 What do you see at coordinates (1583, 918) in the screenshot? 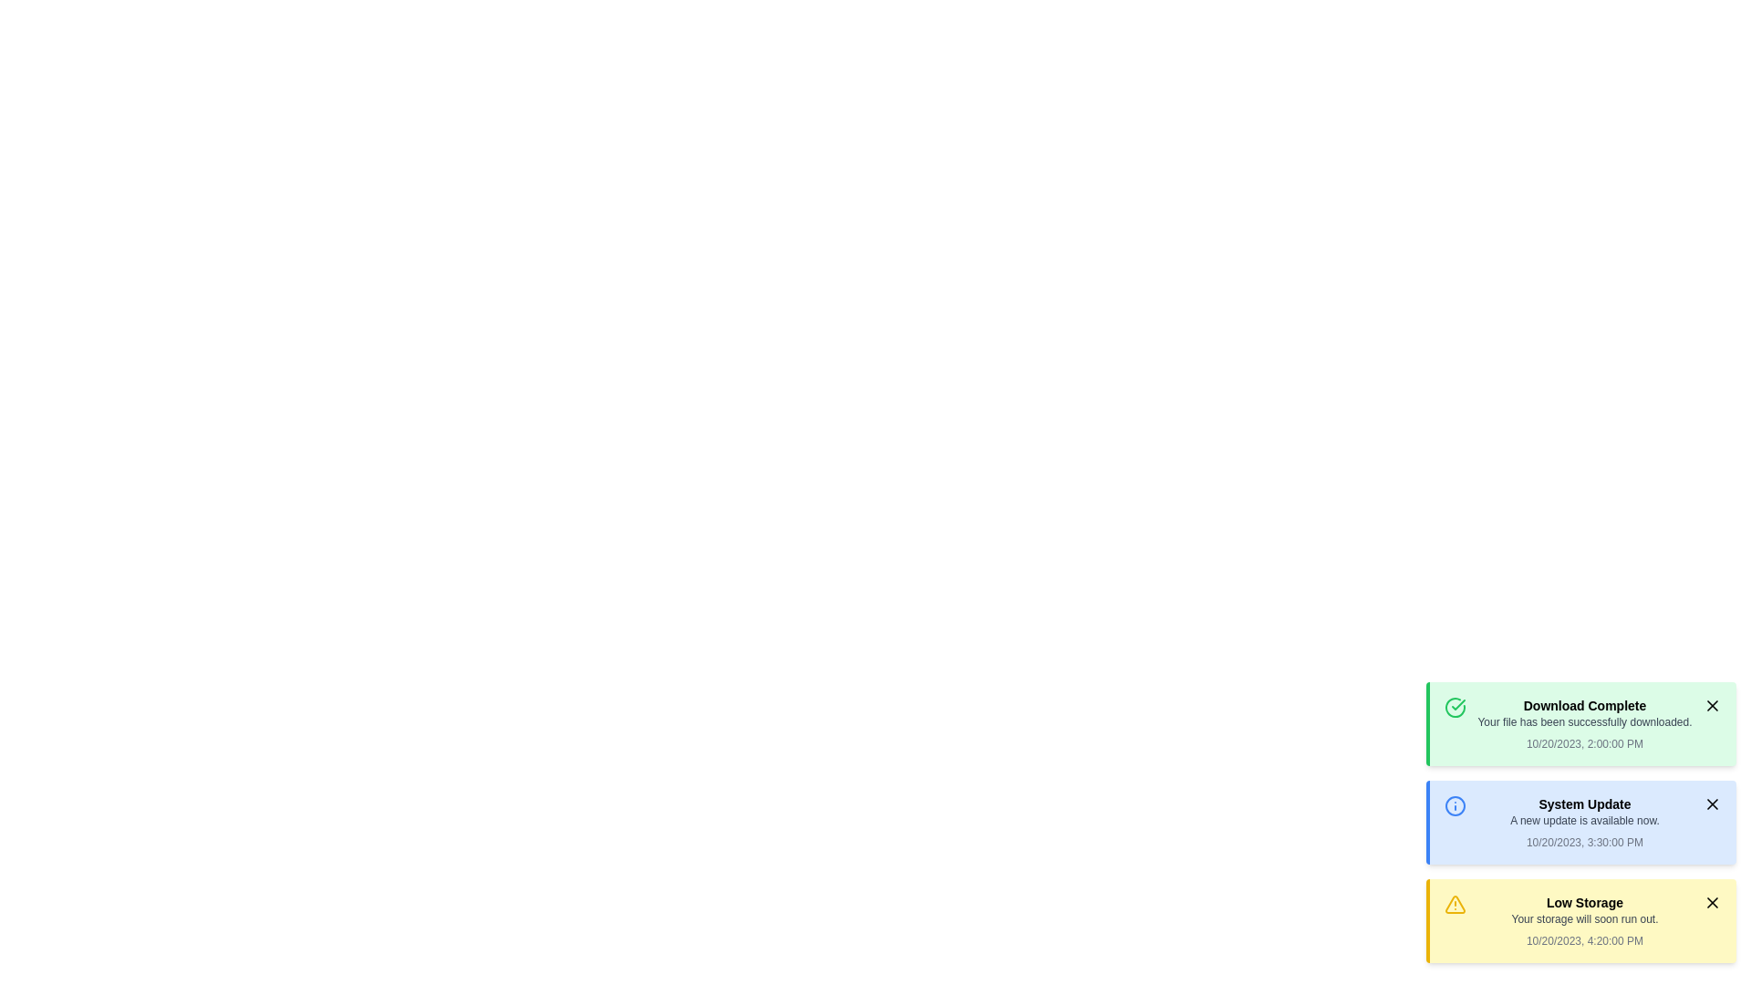
I see `the static text that alerts the user about low storage, positioned below the 'Low Storage' text and above the timestamp` at bounding box center [1583, 918].